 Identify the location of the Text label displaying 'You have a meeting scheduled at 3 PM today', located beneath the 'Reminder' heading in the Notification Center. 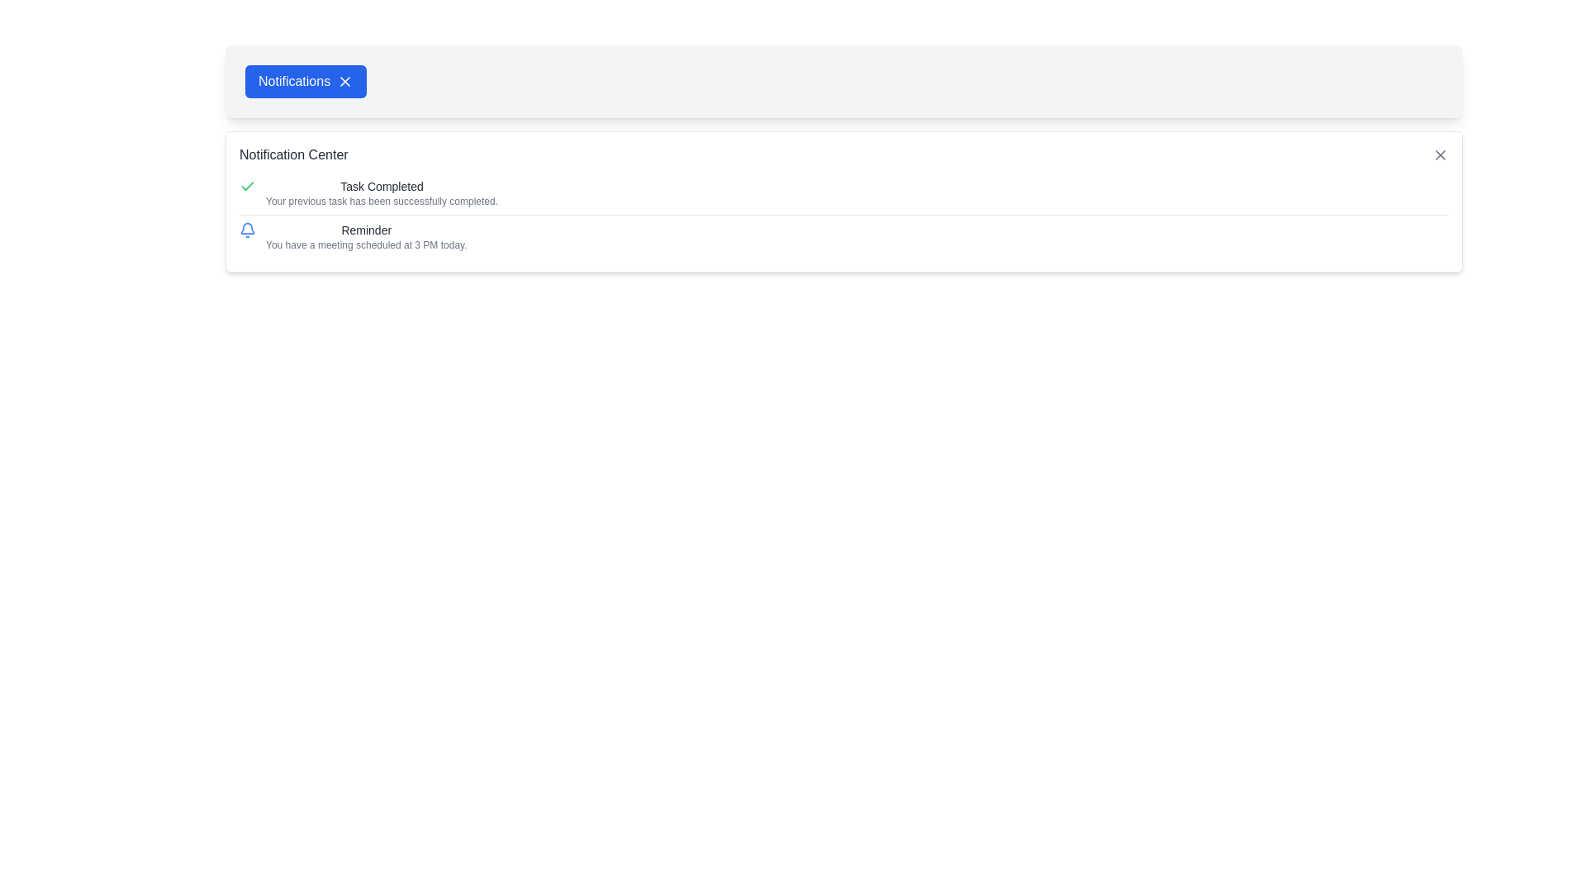
(365, 245).